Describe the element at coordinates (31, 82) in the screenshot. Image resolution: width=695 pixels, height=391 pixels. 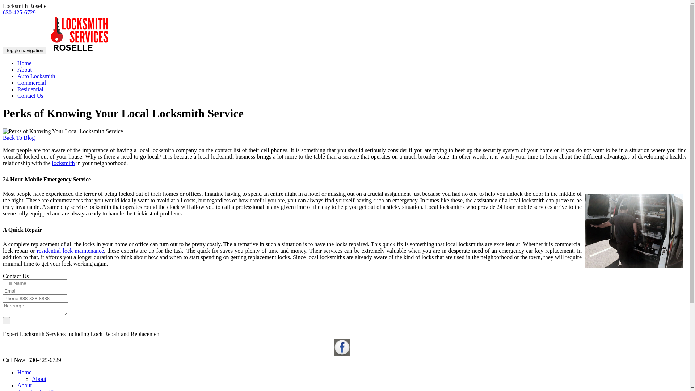
I see `'Commercial'` at that location.